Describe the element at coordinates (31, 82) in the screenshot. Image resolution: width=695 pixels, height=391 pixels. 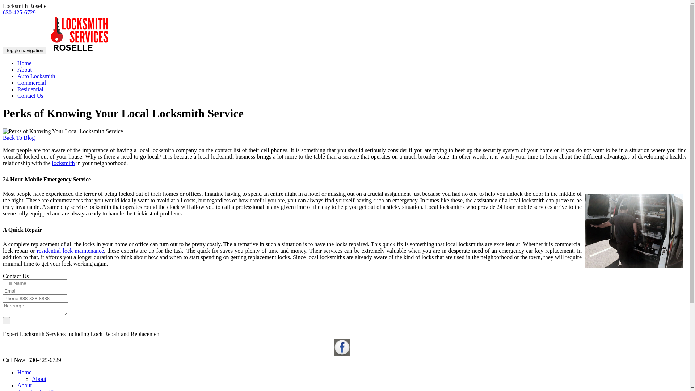
I see `'Commercial'` at that location.